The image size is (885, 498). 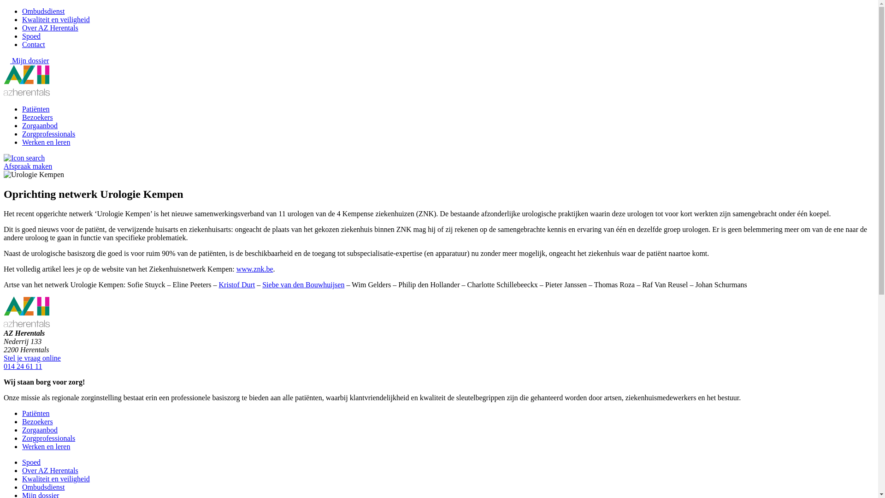 What do you see at coordinates (43, 486) in the screenshot?
I see `'Ombudsdienst'` at bounding box center [43, 486].